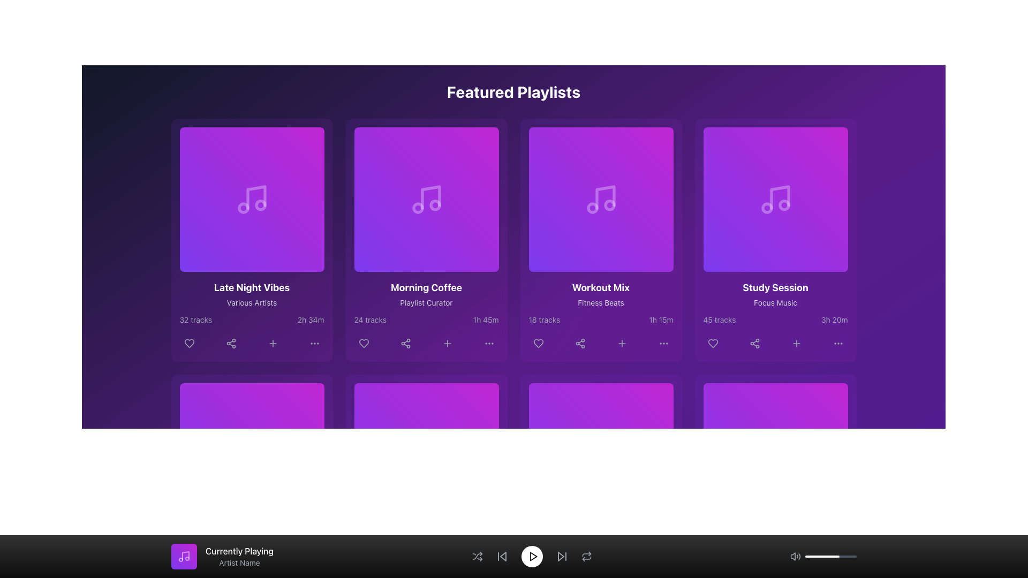  Describe the element at coordinates (834, 319) in the screenshot. I see `the text label displaying '3h 20m' in gray font, located near the bottom of the 'Study Session' card, next to '45 tracks'` at that location.